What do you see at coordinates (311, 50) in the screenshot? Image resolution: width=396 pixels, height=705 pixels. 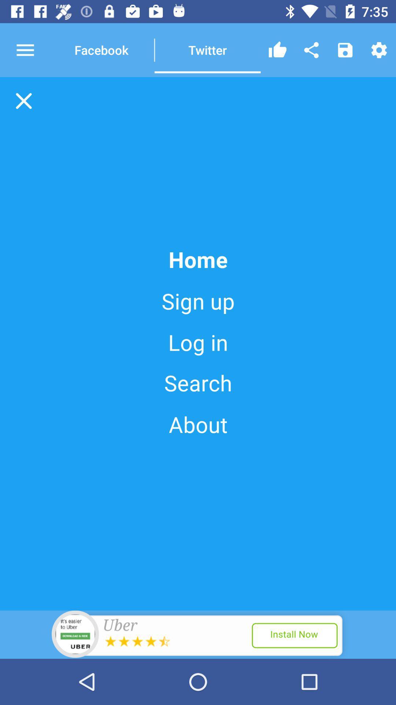 I see `share the page` at bounding box center [311, 50].